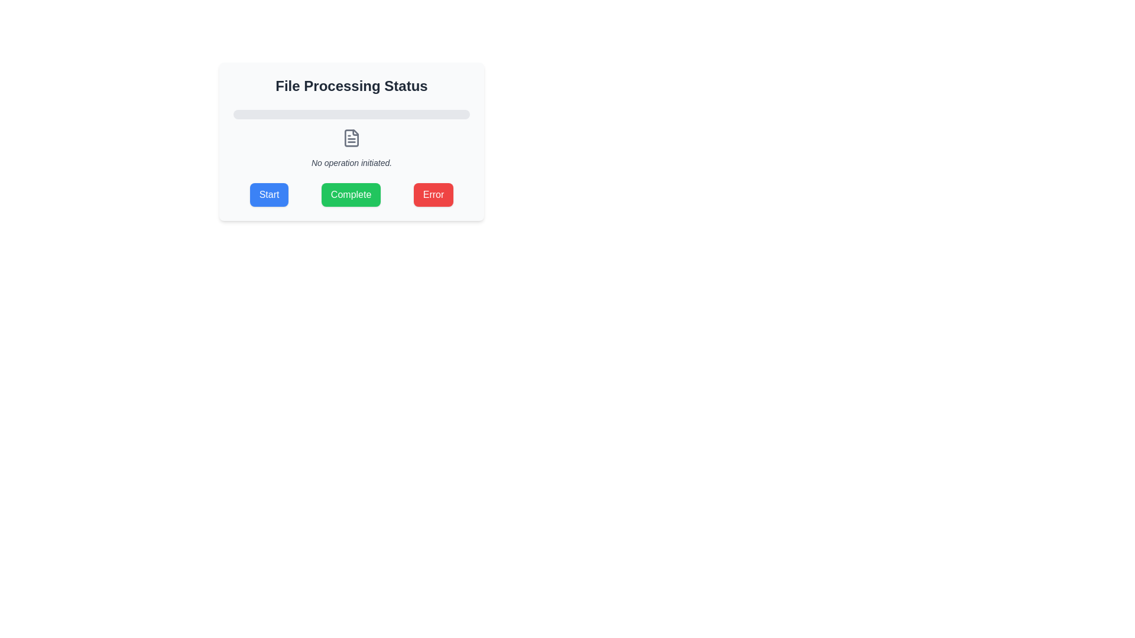 The height and width of the screenshot is (638, 1135). Describe the element at coordinates (351, 138) in the screenshot. I see `the file processing status icon located centrally below the progress bar, which indicates the document context related to the operation status` at that location.